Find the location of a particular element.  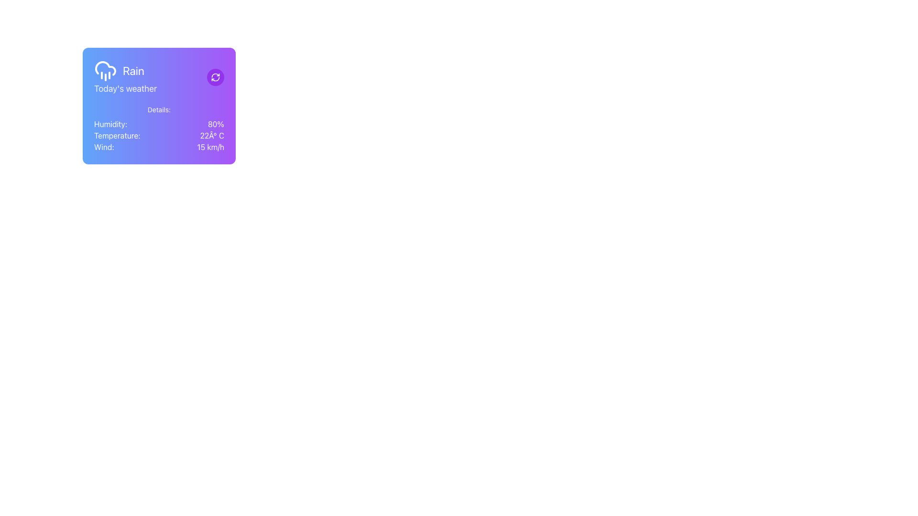

the text label displaying the current weather condition 'Rain', positioned to the right of a cloud with rain icon in the weather information panel is located at coordinates (133, 70).